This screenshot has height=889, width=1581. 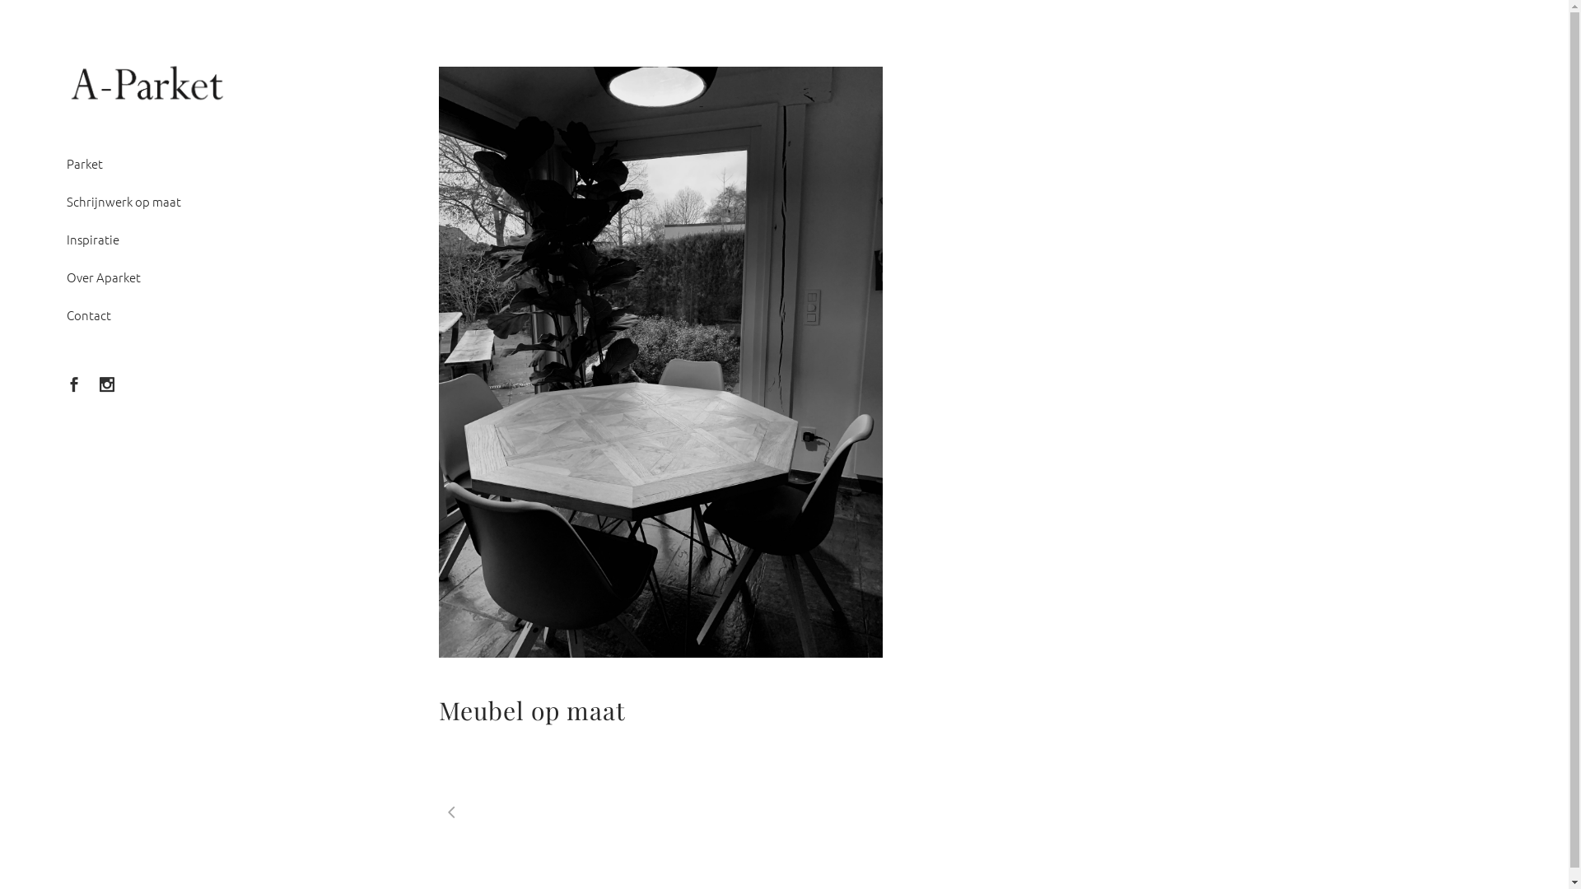 I want to click on 'Over Aparket', so click(x=147, y=276).